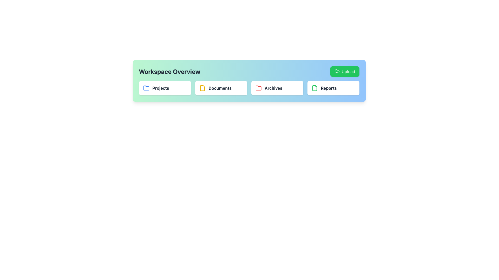 This screenshot has width=499, height=280. I want to click on the 'Archives' label which is displayed in bold font within a rectangular card that has rounded corners and a red folder icon to the left, so click(273, 88).